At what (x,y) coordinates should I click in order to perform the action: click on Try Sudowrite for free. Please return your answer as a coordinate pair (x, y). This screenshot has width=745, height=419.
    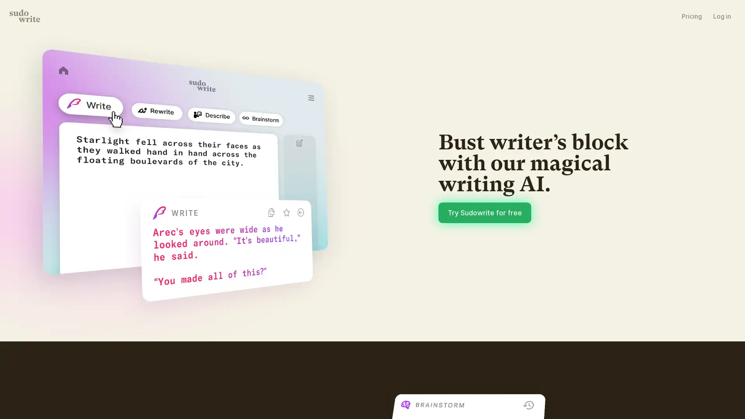
    Looking at the image, I should click on (484, 212).